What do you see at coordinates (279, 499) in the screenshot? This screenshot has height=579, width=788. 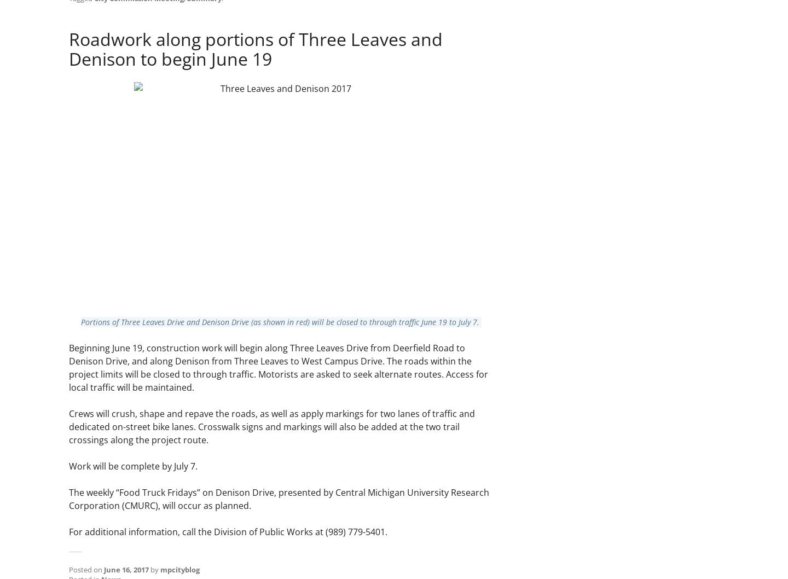 I see `'The weekly “Food Truck Fridays” on Denison Drive, presented by Central Michigan University Research Corporation (CMURC), will occur as planned.'` at bounding box center [279, 499].